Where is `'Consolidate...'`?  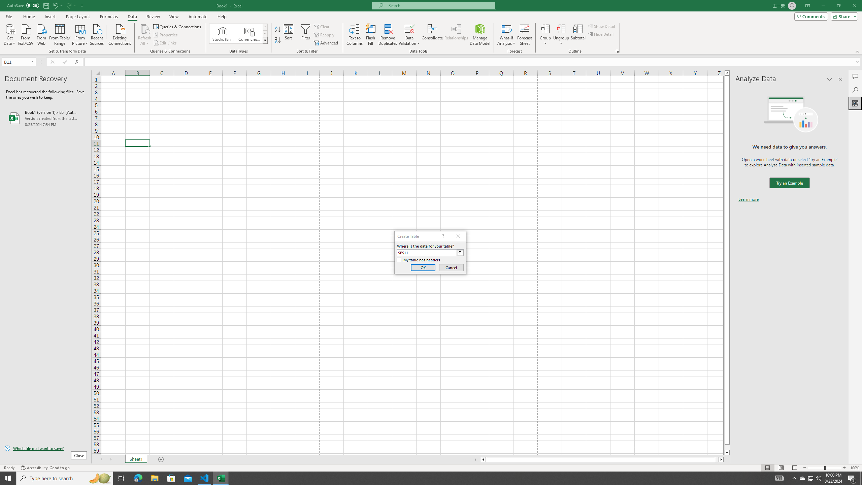
'Consolidate...' is located at coordinates (432, 35).